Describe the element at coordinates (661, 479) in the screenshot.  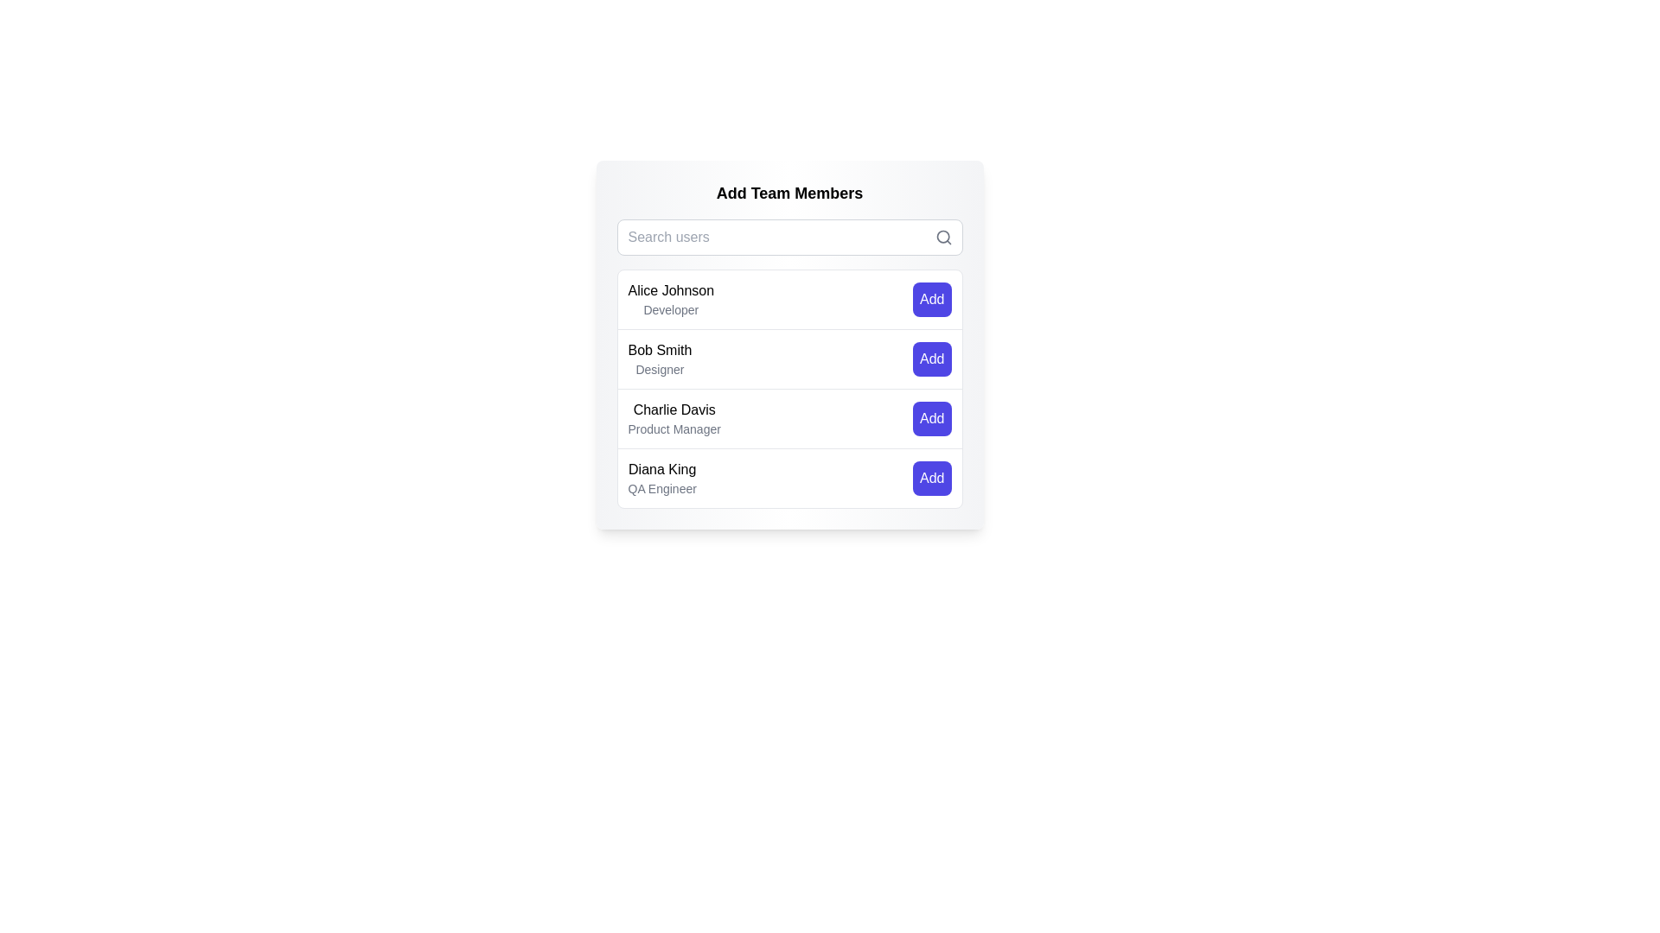
I see `the text display that describes the name and role of an individual (QA Engineer) in the context of adding team members, positioned below 'Charlie Davis - Product Manager' and above the 'Add' button` at that location.